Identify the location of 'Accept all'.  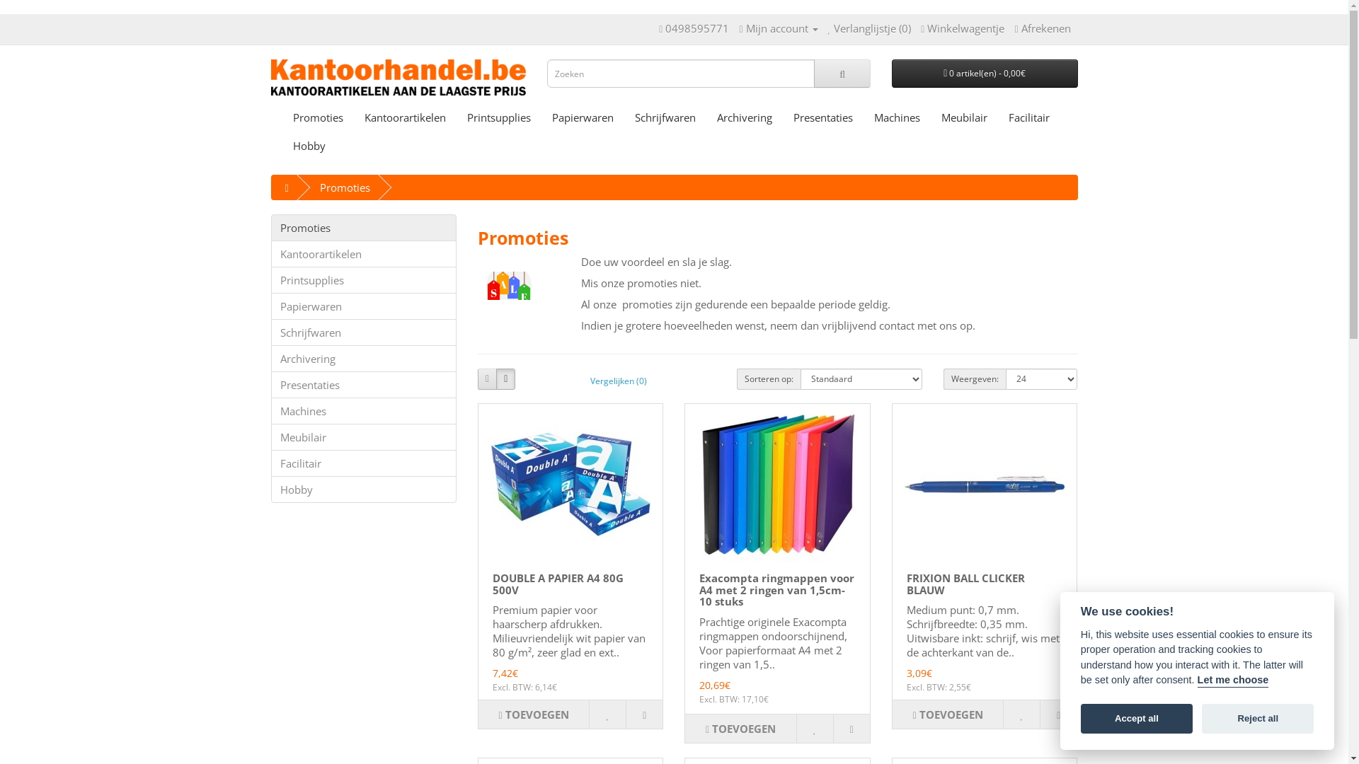
(1137, 719).